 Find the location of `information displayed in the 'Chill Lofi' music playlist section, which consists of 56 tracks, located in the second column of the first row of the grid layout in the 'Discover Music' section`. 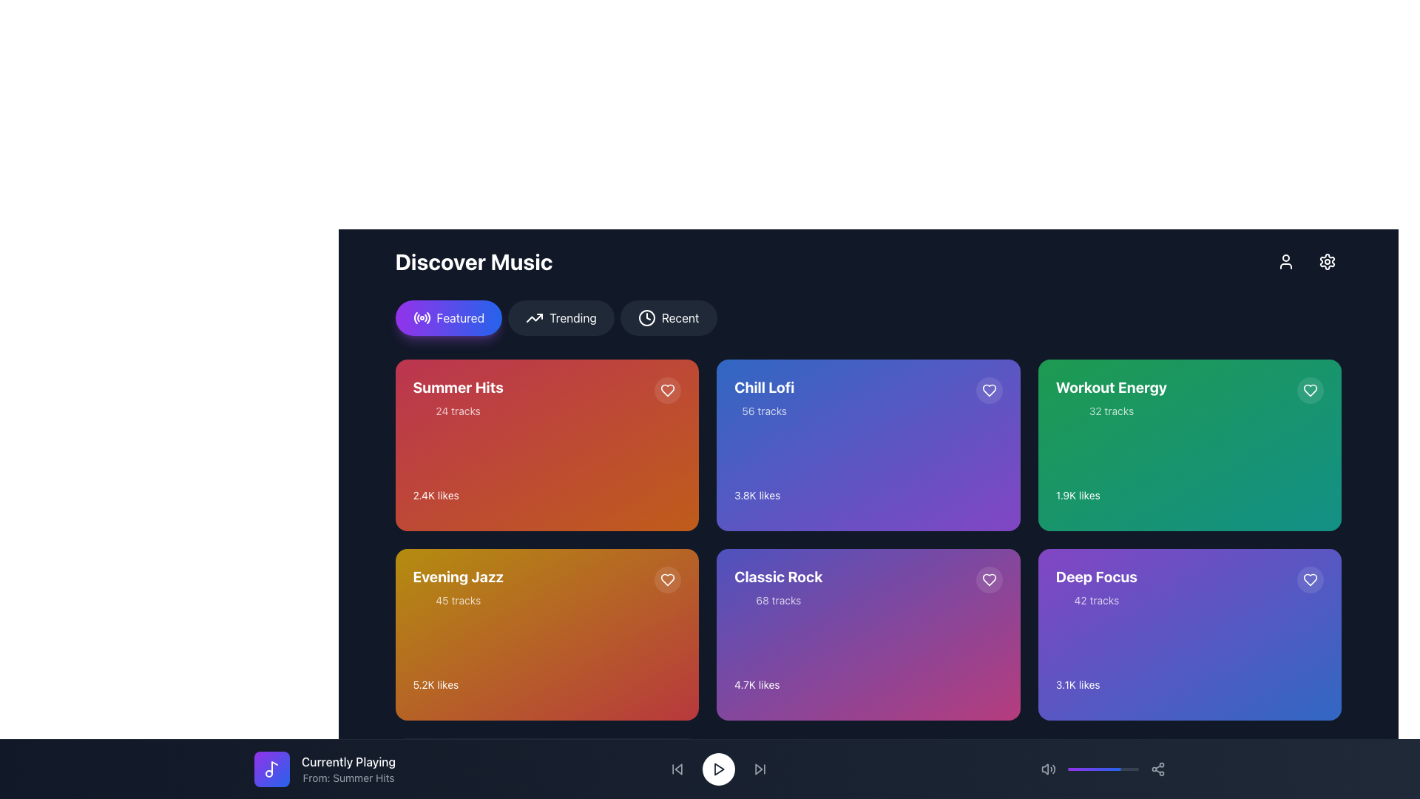

information displayed in the 'Chill Lofi' music playlist section, which consists of 56 tracks, located in the second column of the first row of the grid layout in the 'Discover Music' section is located at coordinates (868, 397).